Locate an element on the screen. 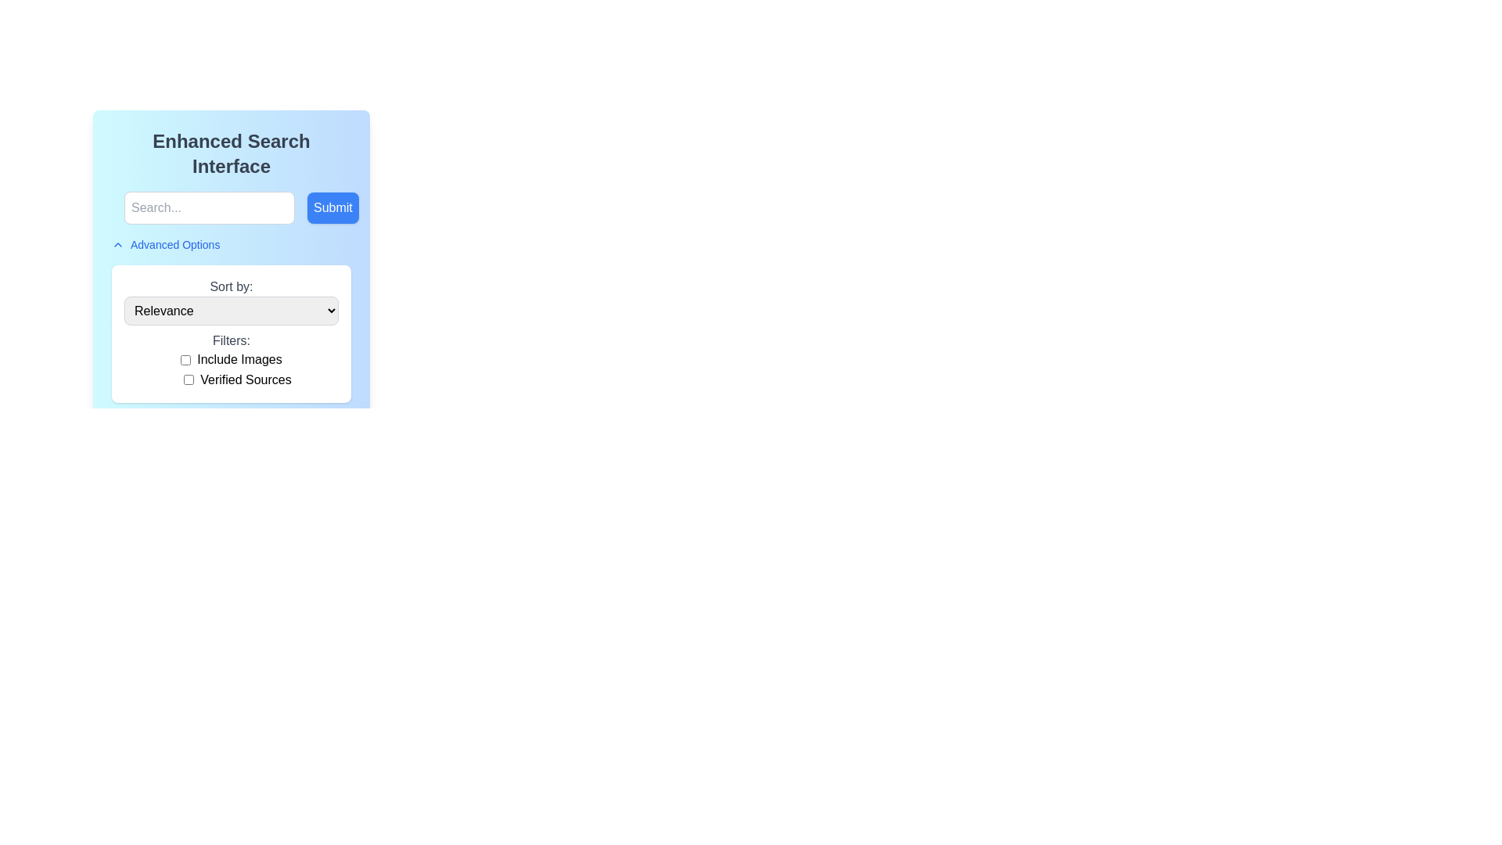  the checkbox labeled 'Verified Sources' is located at coordinates (236, 379).